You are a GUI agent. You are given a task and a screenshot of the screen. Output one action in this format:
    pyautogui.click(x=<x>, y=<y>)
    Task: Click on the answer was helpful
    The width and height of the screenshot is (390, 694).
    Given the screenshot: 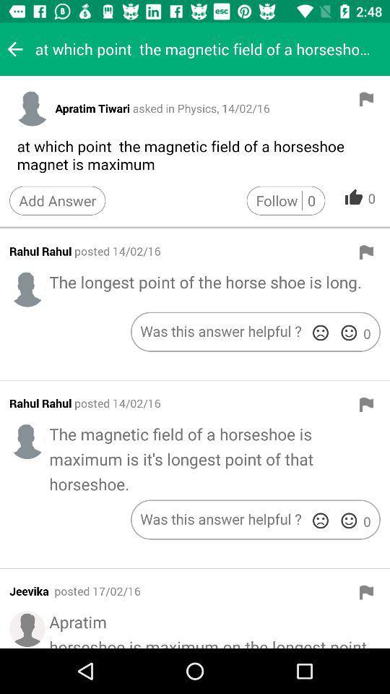 What is the action you would take?
    pyautogui.click(x=348, y=333)
    